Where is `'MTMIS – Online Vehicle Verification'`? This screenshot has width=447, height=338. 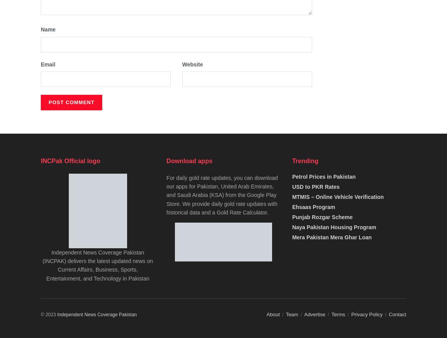 'MTMIS – Online Vehicle Verification' is located at coordinates (338, 196).